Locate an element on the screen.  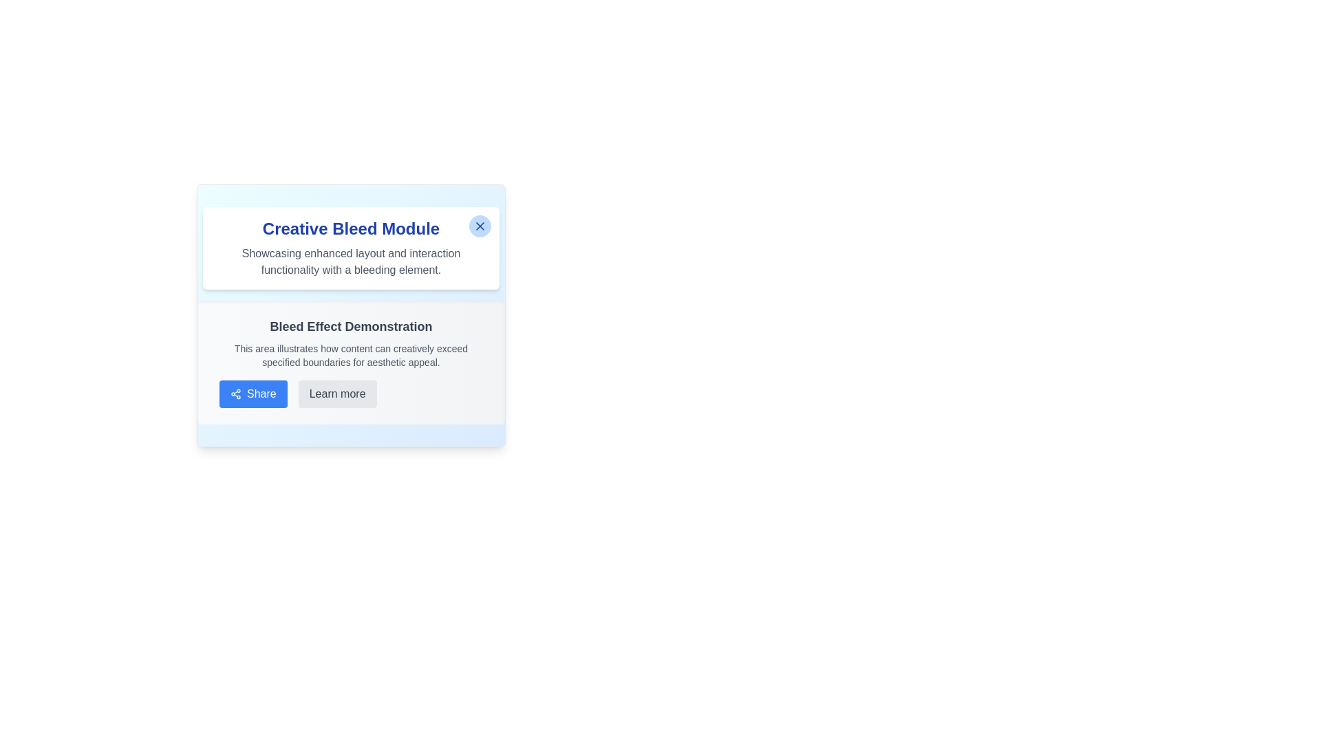
the small circular button with a light blue background and a darker blue 'X' icon, located at the top-right corner of the 'Creative Bleed Module' card to change its background color is located at coordinates (480, 225).